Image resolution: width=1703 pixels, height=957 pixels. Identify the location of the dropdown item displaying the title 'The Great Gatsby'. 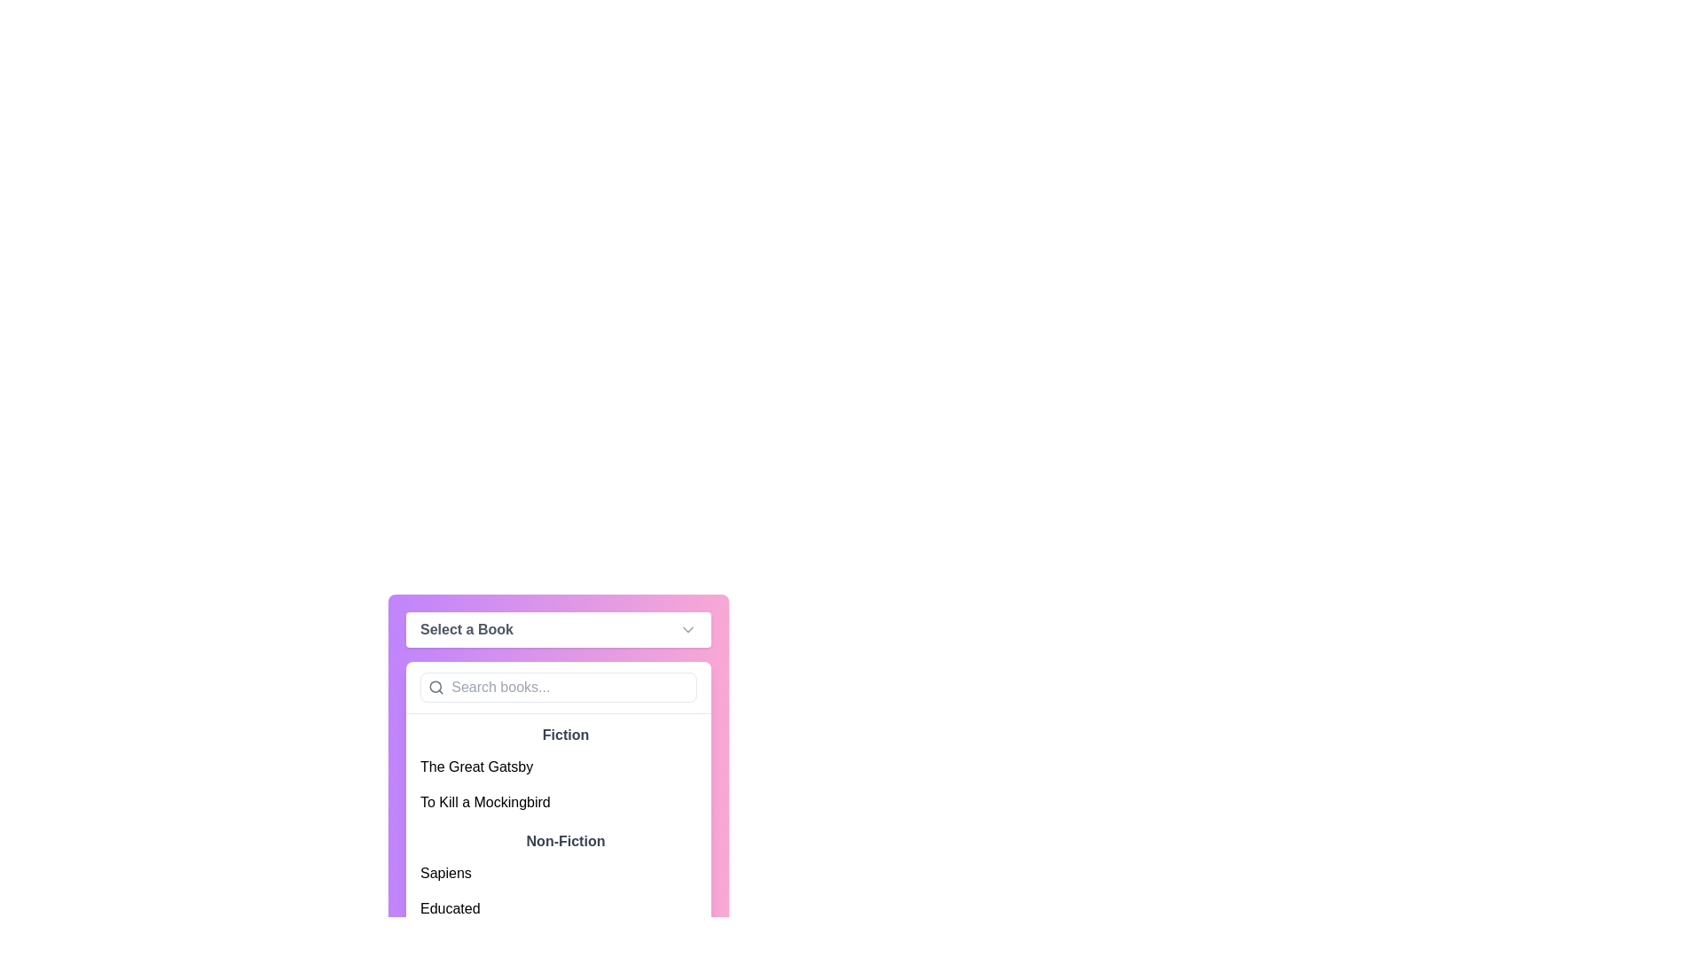
(557, 766).